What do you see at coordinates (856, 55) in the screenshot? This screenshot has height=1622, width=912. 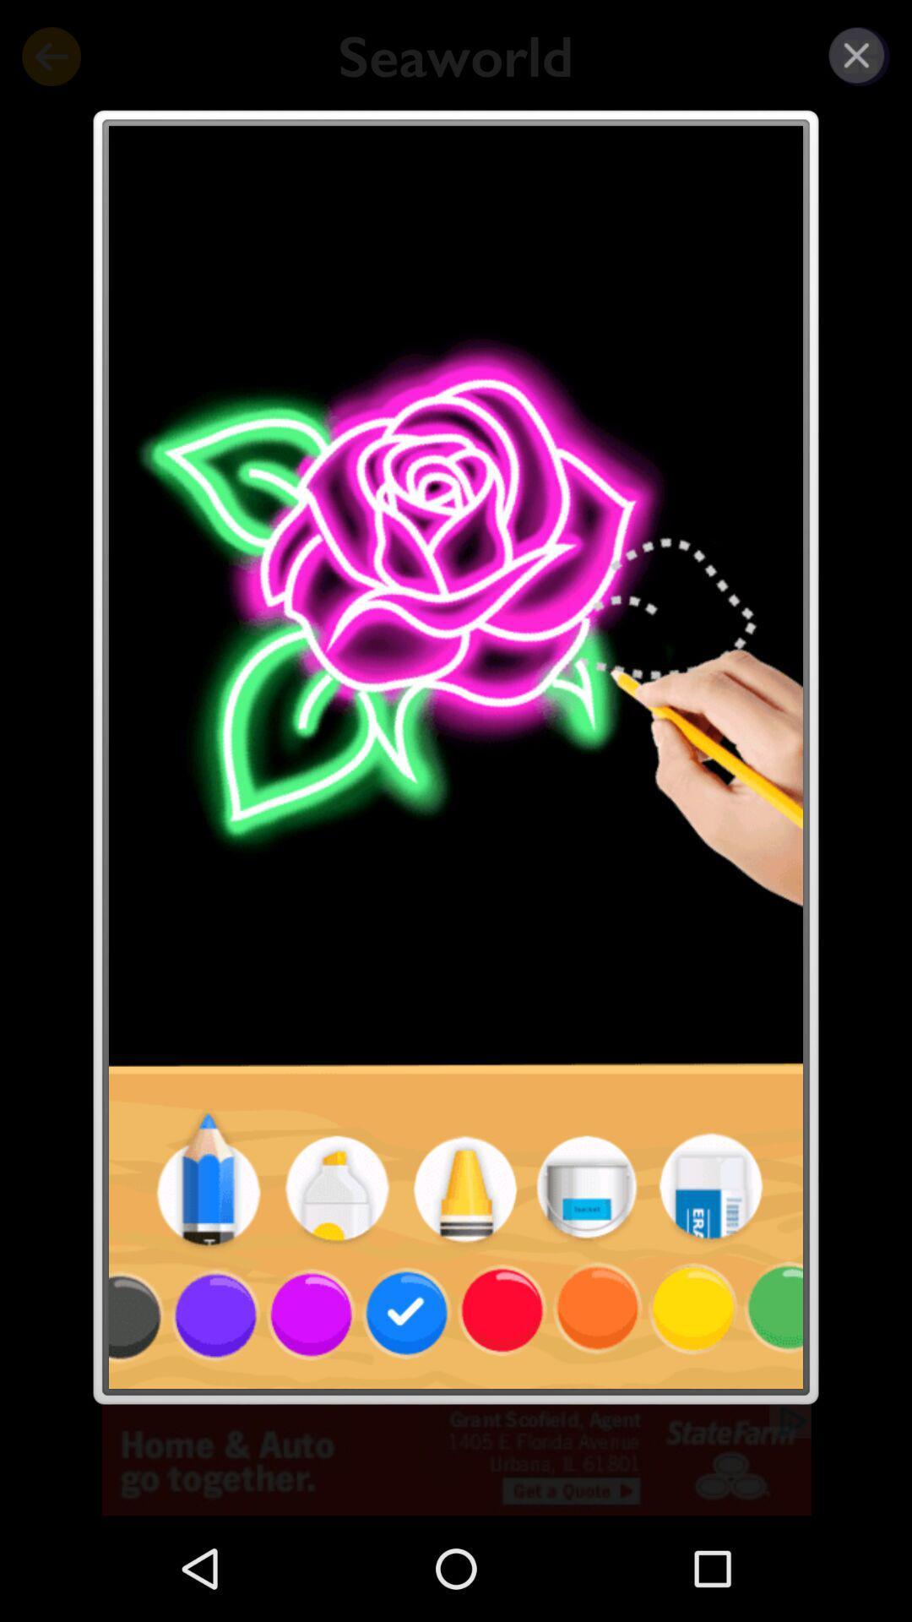 I see `the close icon` at bounding box center [856, 55].